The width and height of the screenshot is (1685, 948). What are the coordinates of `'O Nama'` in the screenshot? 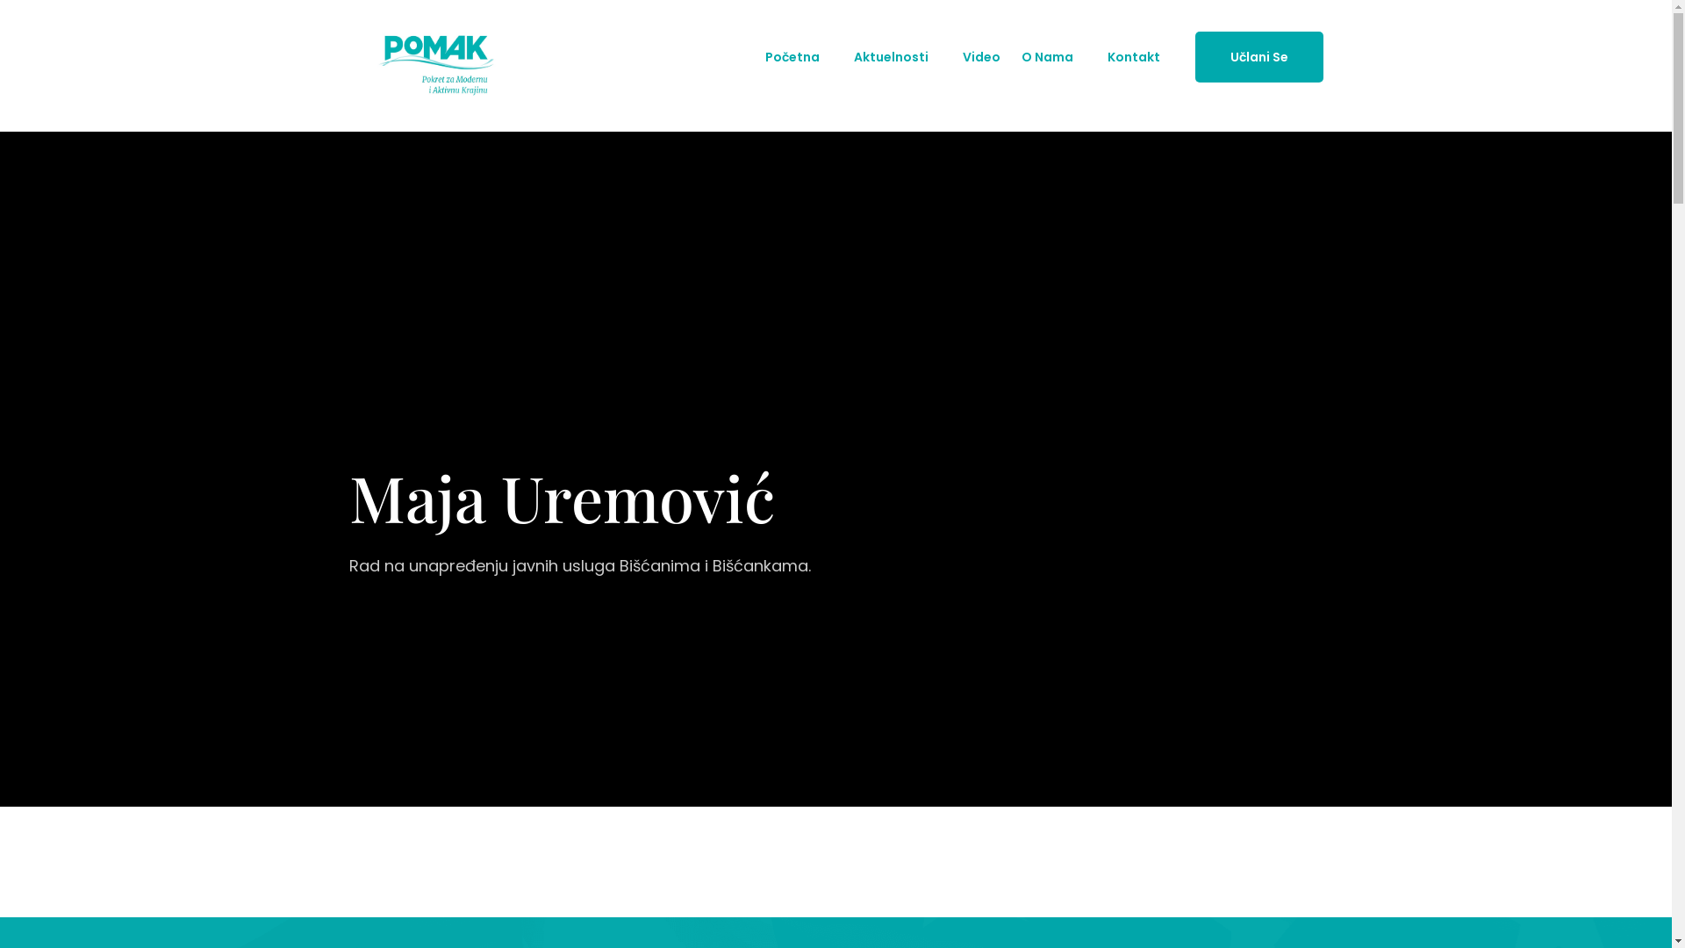 It's located at (1047, 56).